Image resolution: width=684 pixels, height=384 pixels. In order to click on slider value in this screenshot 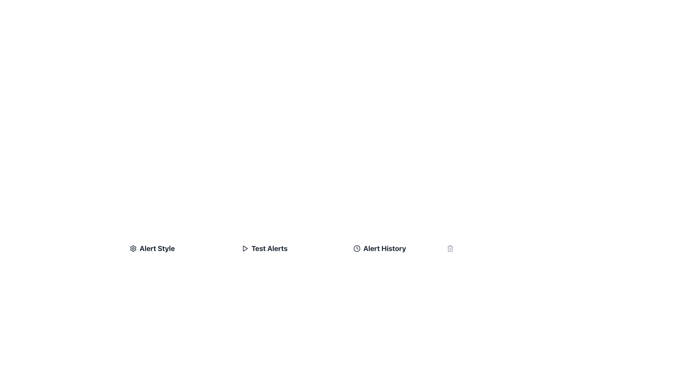, I will do `click(228, 371)`.